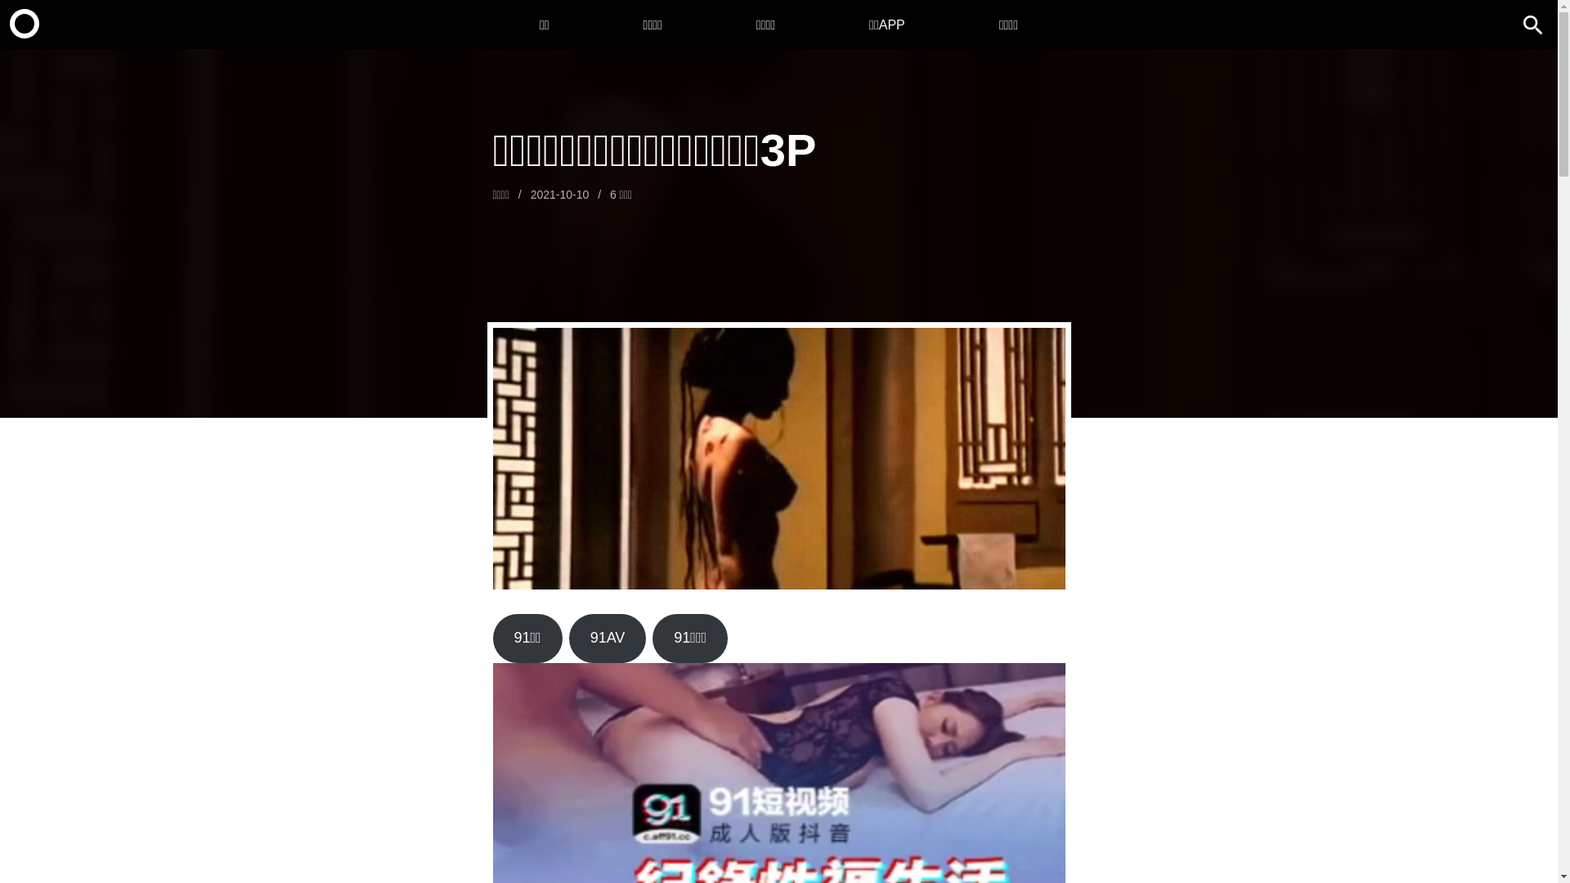  Describe the element at coordinates (569, 637) in the screenshot. I see `'91AV'` at that location.